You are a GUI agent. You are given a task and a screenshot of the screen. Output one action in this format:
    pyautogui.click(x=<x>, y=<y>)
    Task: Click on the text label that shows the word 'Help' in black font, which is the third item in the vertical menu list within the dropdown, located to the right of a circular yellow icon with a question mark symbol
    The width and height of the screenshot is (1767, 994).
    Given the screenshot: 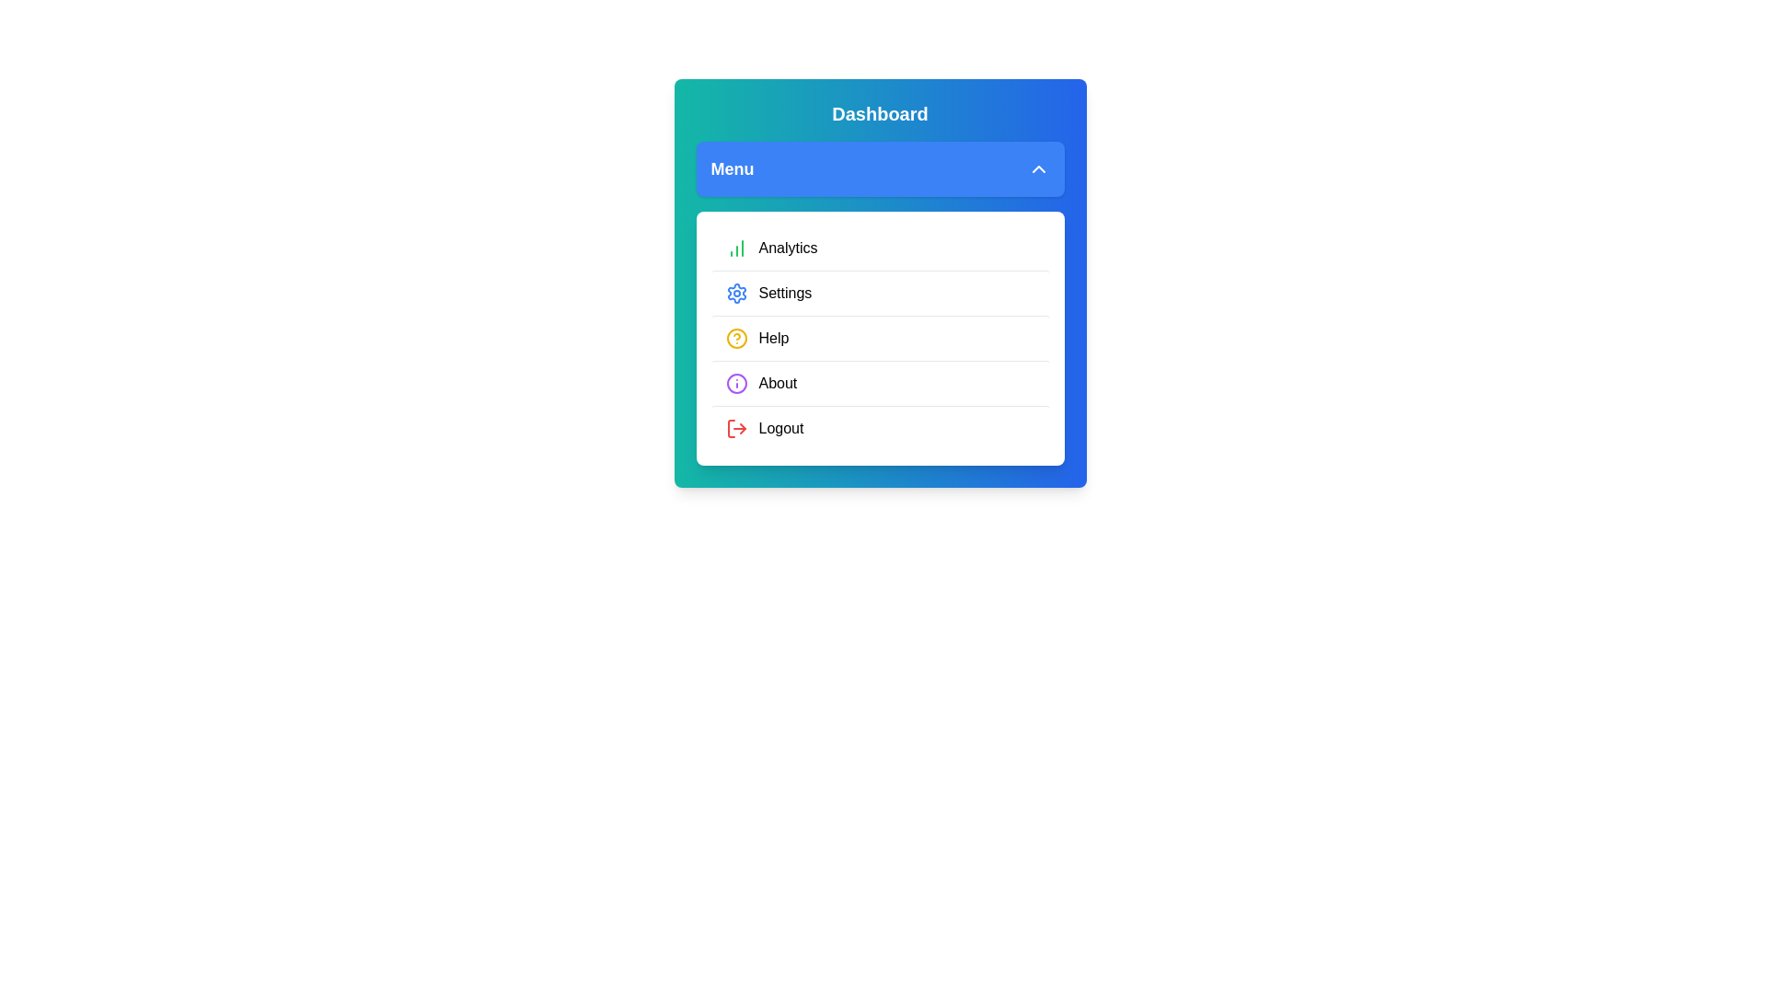 What is the action you would take?
    pyautogui.click(x=773, y=338)
    